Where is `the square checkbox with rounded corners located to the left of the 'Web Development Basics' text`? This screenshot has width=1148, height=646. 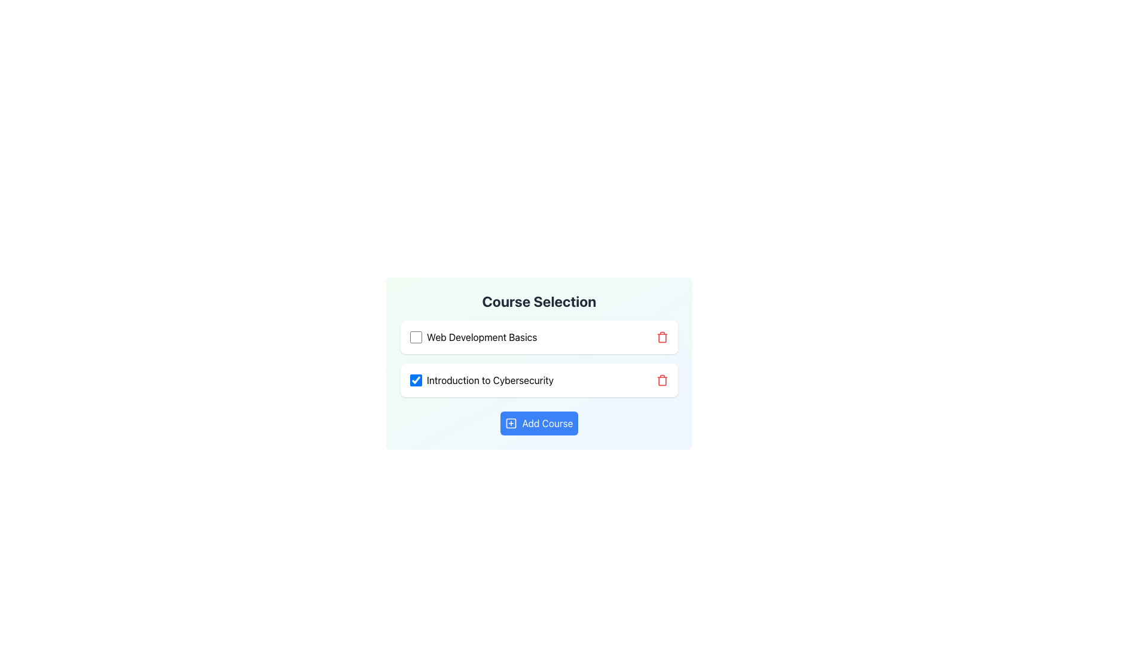 the square checkbox with rounded corners located to the left of the 'Web Development Basics' text is located at coordinates (416, 337).